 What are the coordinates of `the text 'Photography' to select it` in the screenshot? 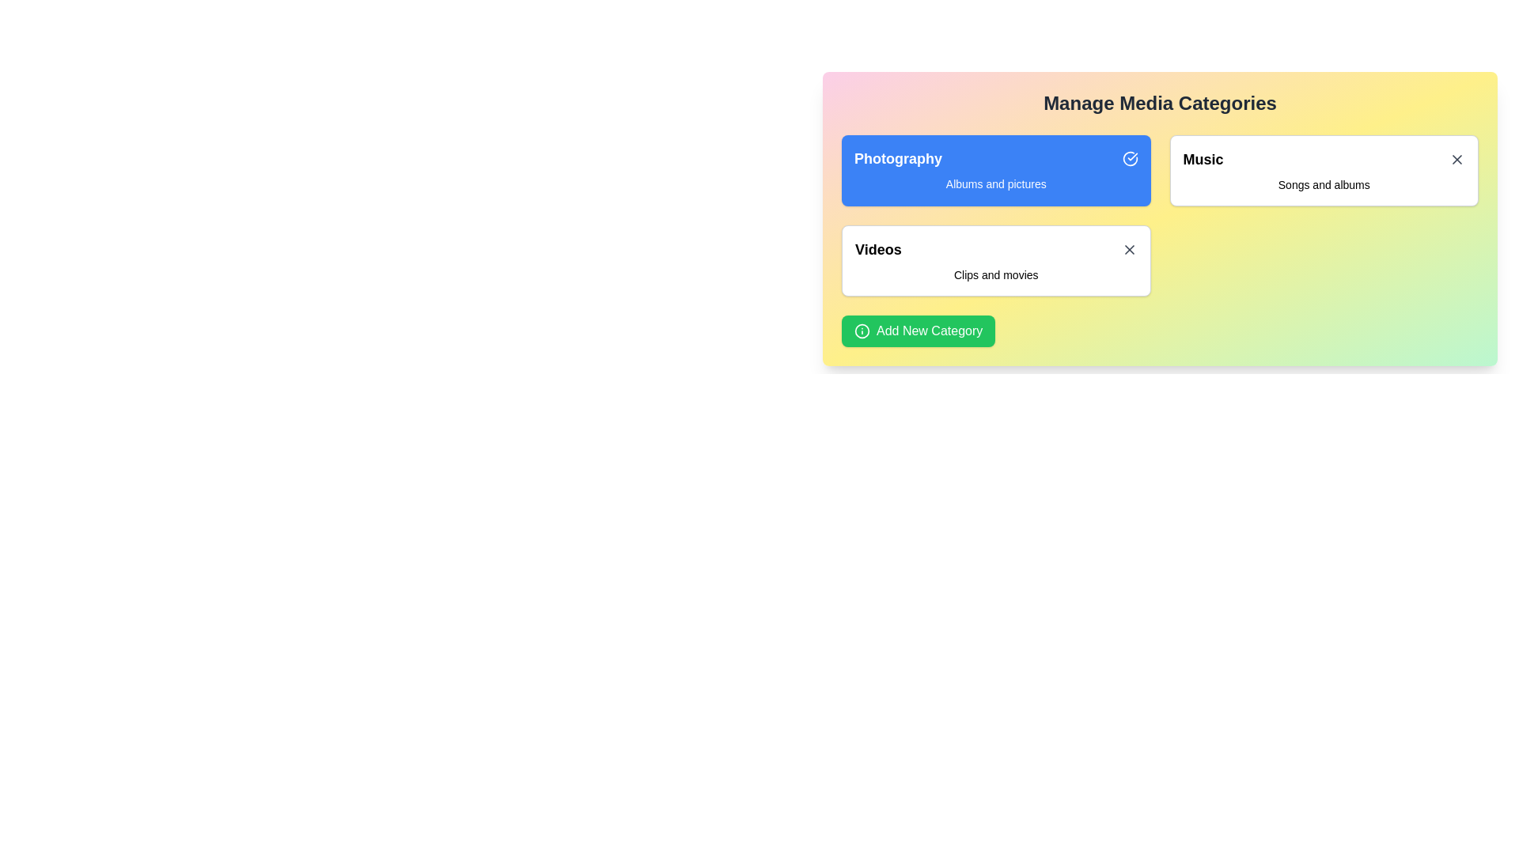 It's located at (995, 158).